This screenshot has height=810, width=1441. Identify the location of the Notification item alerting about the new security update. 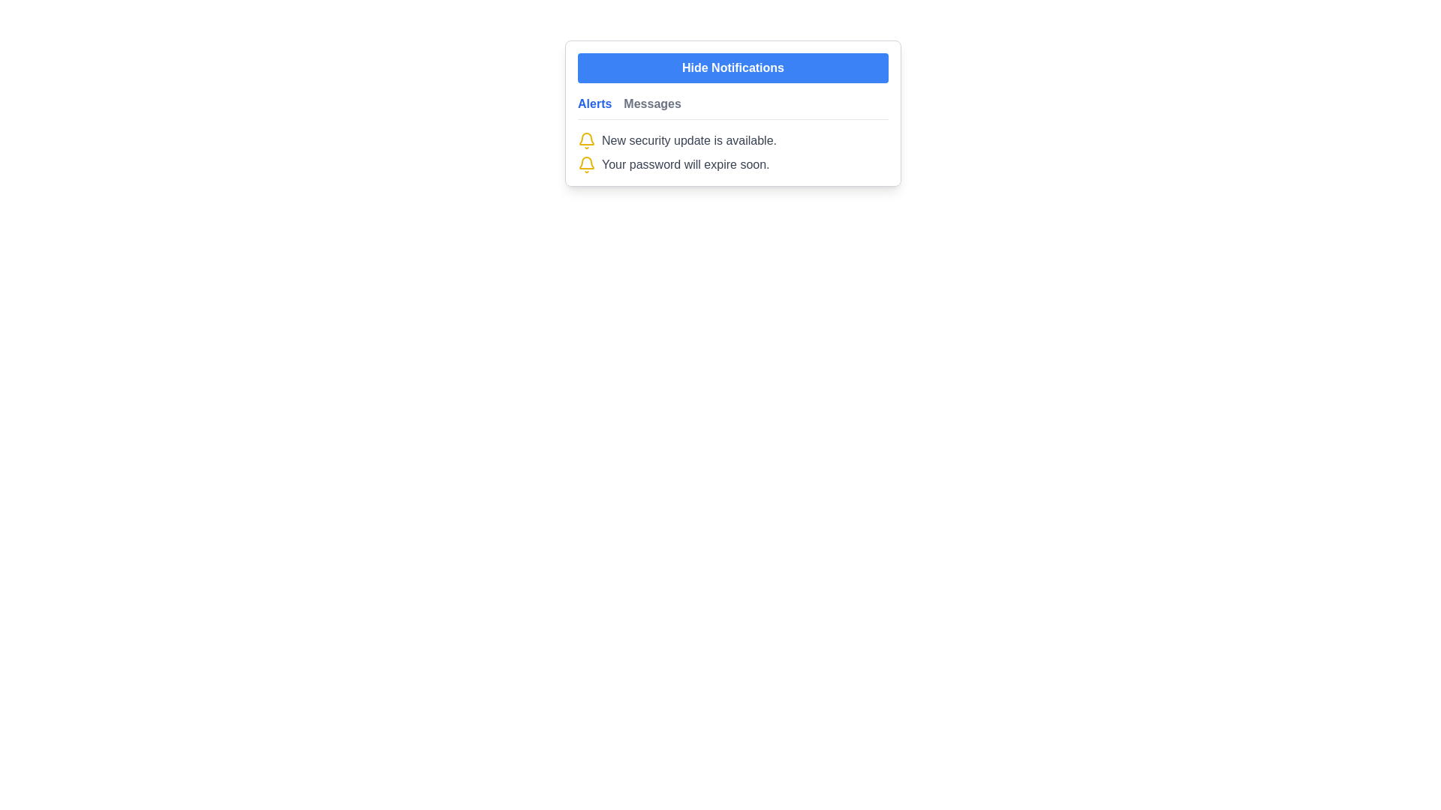
(733, 141).